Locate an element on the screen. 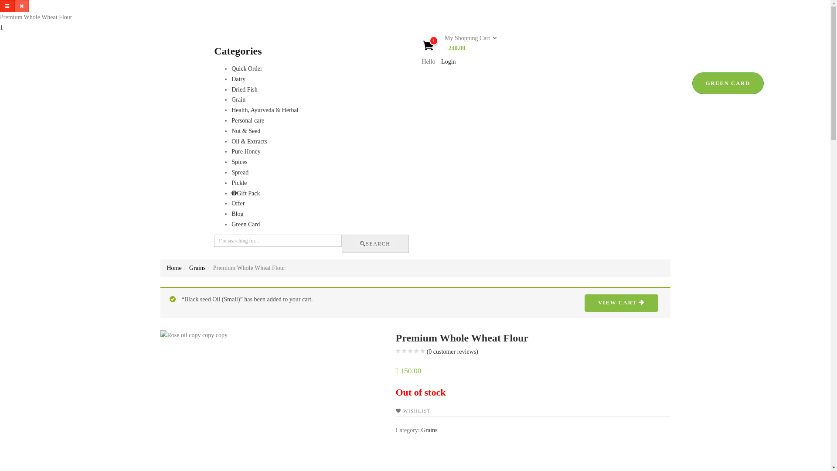 This screenshot has width=837, height=471. 'Grains' is located at coordinates (429, 430).